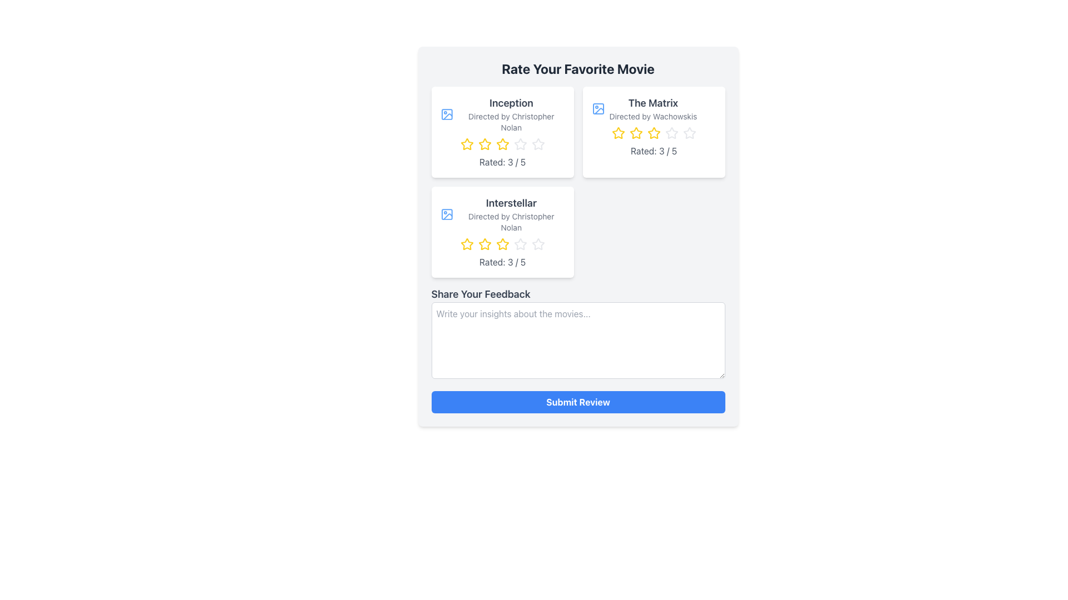  I want to click on the text label indicating the numerical rating of the movie 'Interstellar', which shows a rating of 3 out of 5, located in the bottom section of the movie card, so click(502, 262).